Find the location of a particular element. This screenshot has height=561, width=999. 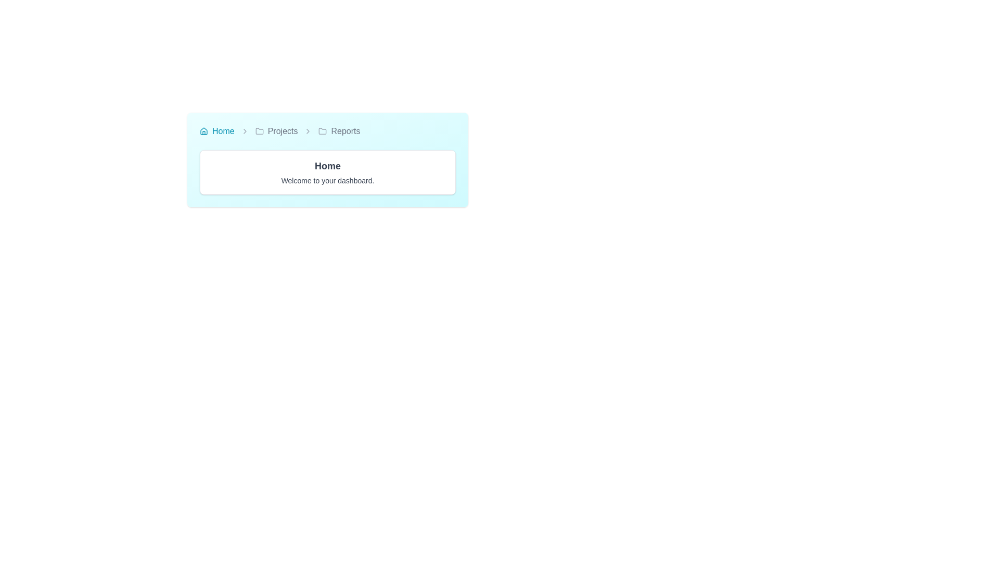

the 'Home' breadcrumb navigation item is located at coordinates (216, 131).